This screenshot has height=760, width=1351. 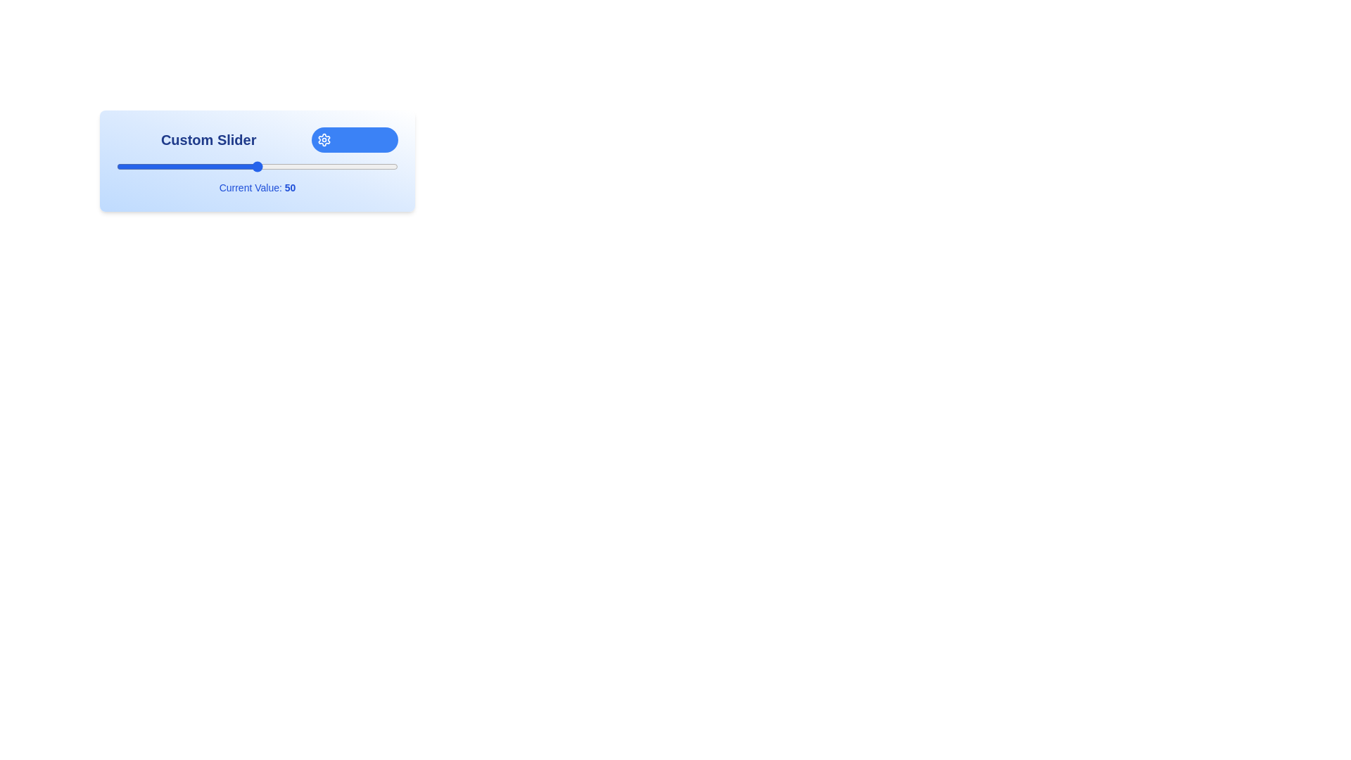 I want to click on the slider's value, so click(x=119, y=165).